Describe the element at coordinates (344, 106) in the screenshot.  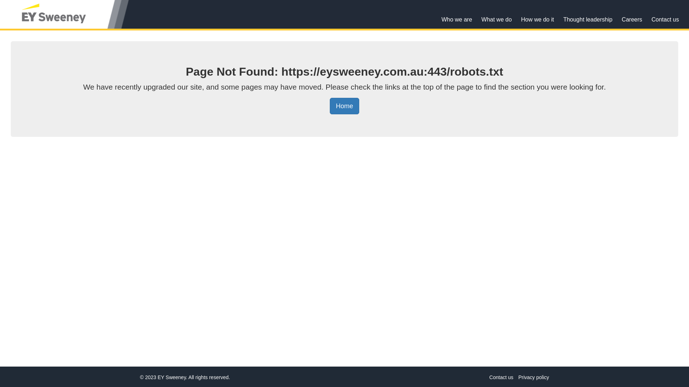
I see `'Home'` at that location.